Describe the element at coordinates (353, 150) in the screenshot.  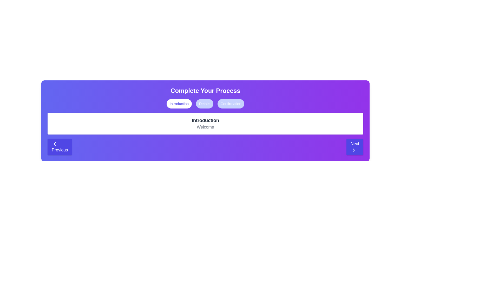
I see `the small right-chevron icon located to the right of the 'Next' button with a purple background for potential interactive feedback` at that location.